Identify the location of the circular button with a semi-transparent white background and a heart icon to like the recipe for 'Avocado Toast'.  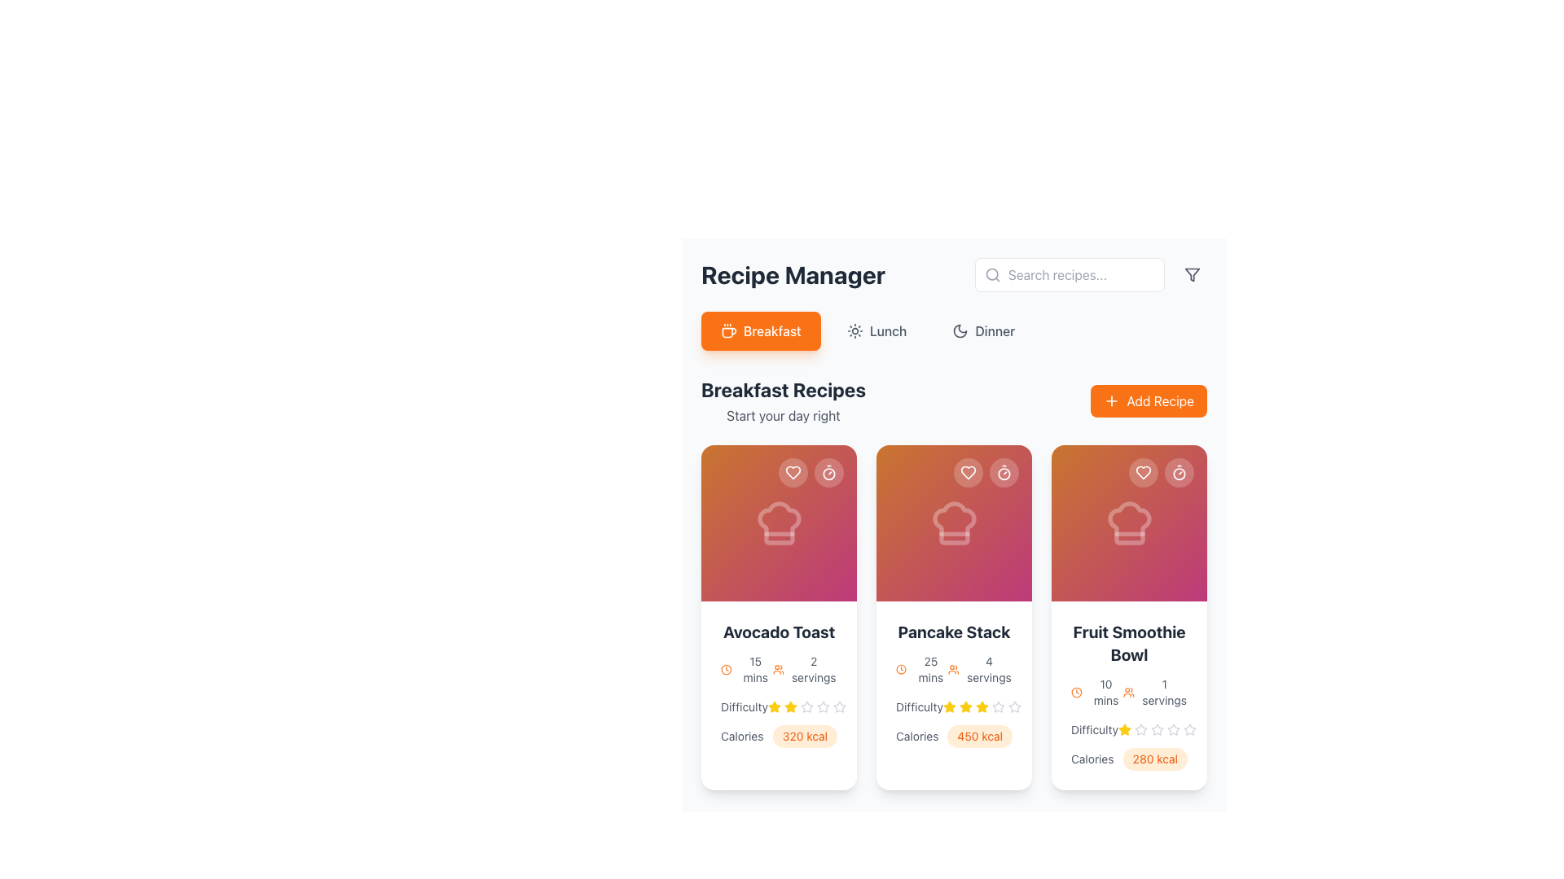
(793, 473).